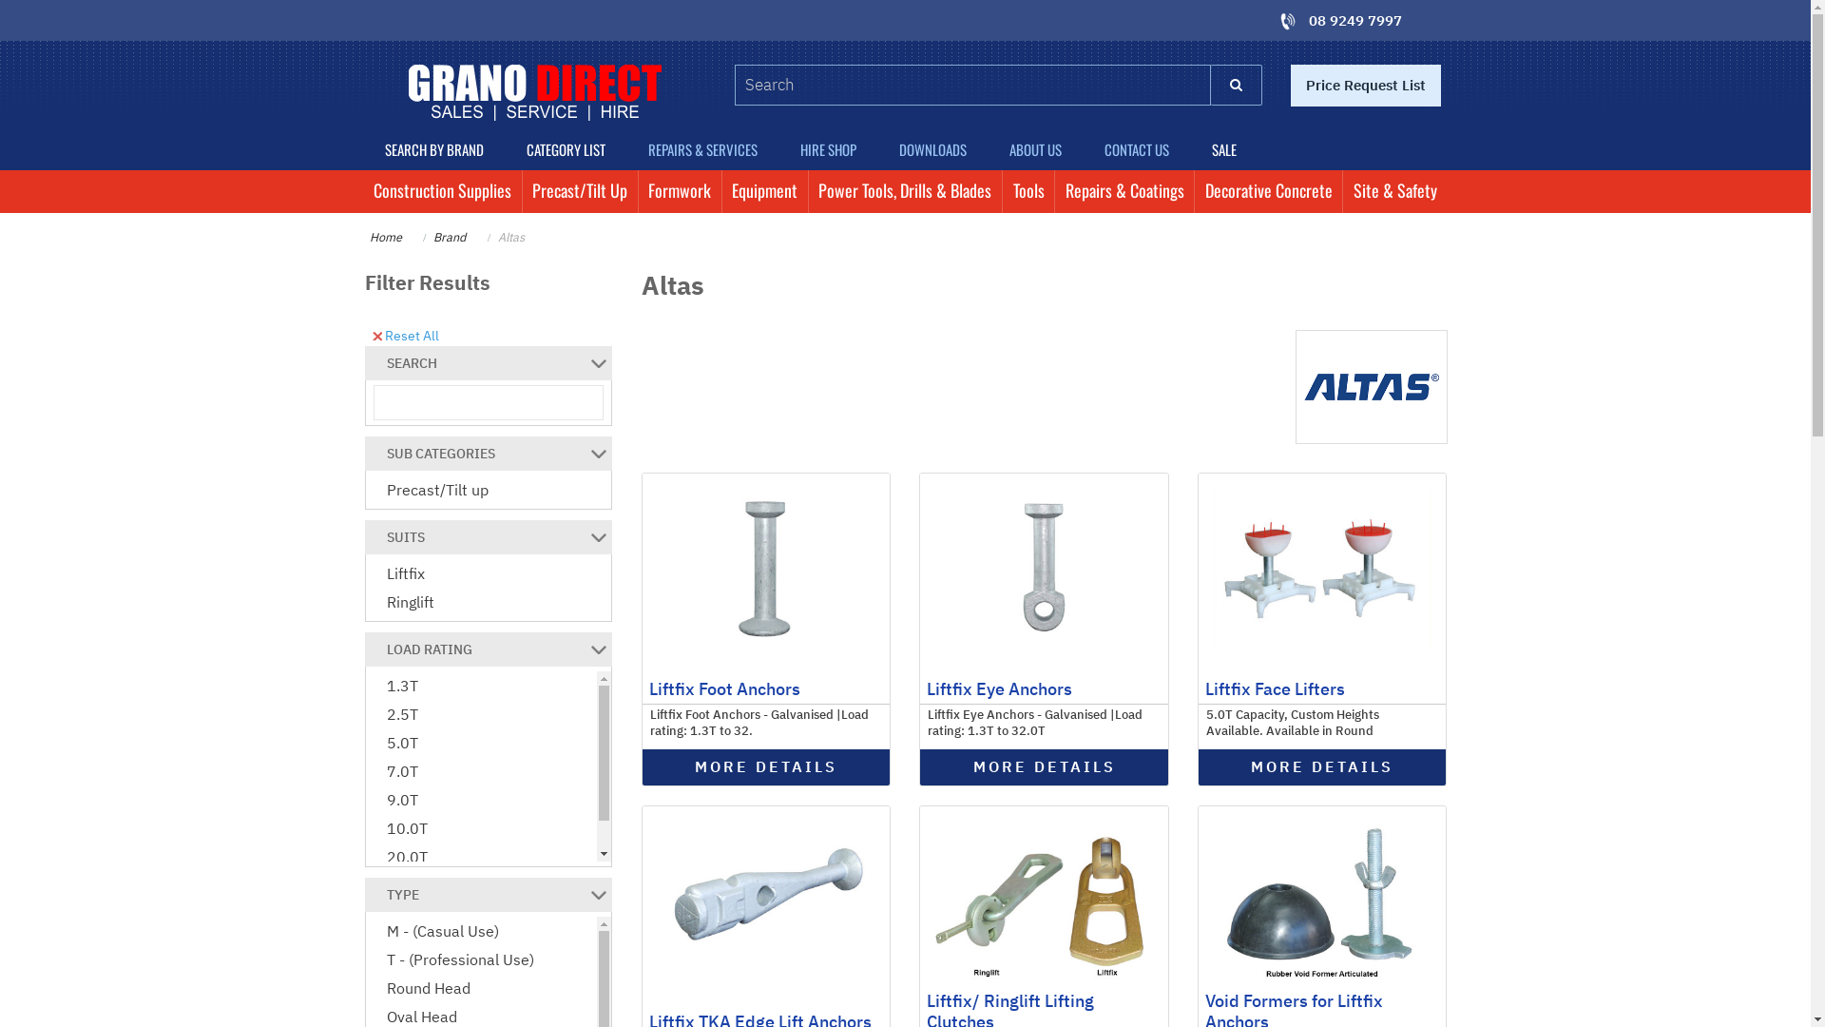  I want to click on 'REPAIRS & SERVICES', so click(627, 149).